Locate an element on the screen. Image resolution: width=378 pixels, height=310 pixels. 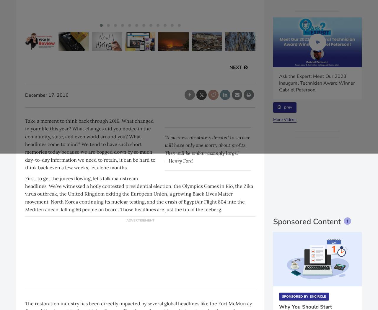
'Episode of 4 the Ironclad Marketing Minute highlights utilizing social media to gain more job leads' is located at coordinates (13, 83).